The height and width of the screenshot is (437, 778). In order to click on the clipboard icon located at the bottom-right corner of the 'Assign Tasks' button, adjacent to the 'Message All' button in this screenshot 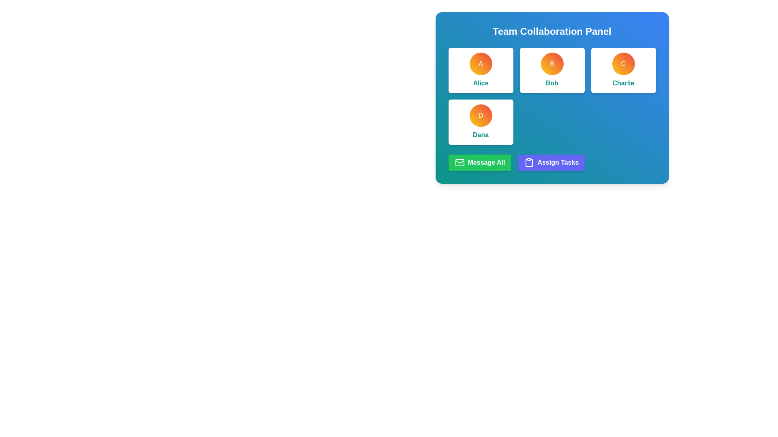, I will do `click(529, 162)`.